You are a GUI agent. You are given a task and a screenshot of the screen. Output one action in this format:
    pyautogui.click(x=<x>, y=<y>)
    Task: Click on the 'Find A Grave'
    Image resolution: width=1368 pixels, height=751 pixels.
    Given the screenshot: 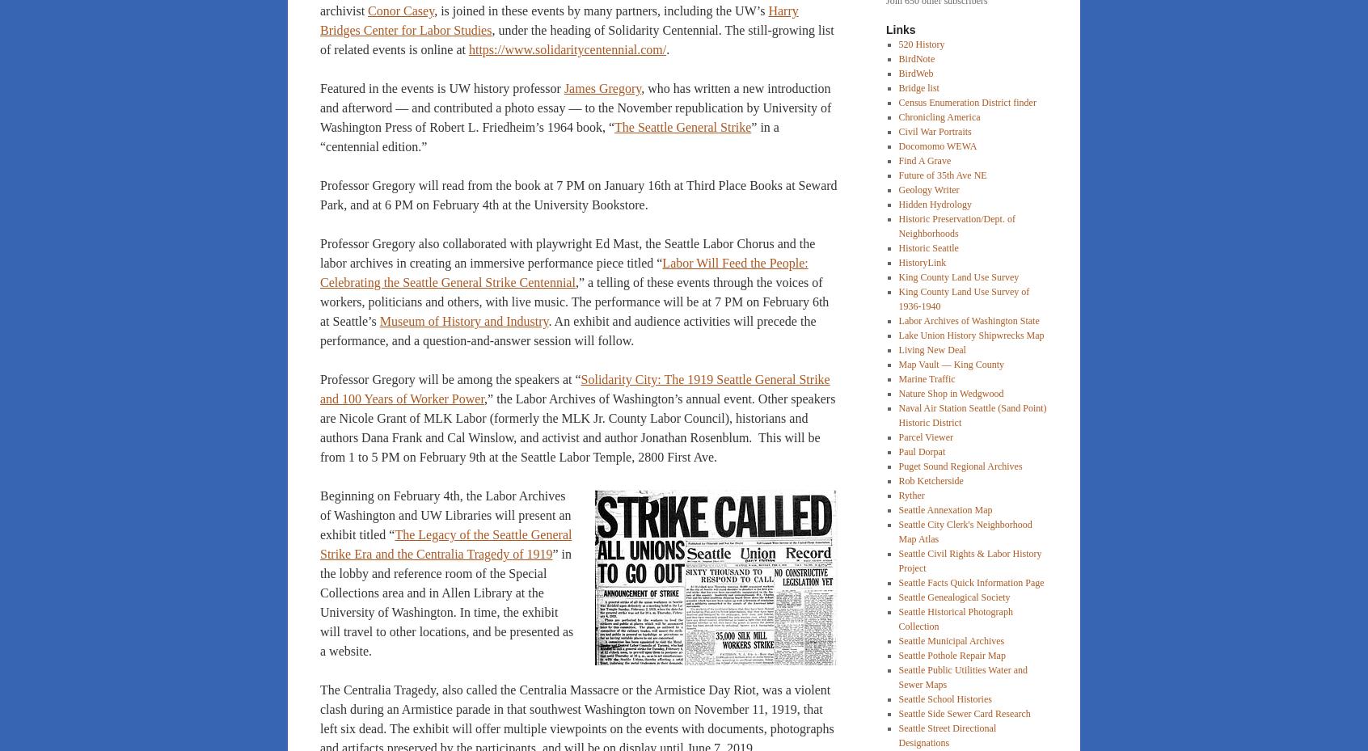 What is the action you would take?
    pyautogui.click(x=923, y=159)
    